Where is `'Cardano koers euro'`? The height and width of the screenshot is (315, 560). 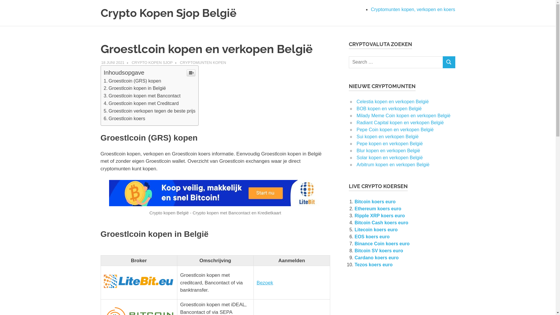
'Cardano koers euro' is located at coordinates (354, 257).